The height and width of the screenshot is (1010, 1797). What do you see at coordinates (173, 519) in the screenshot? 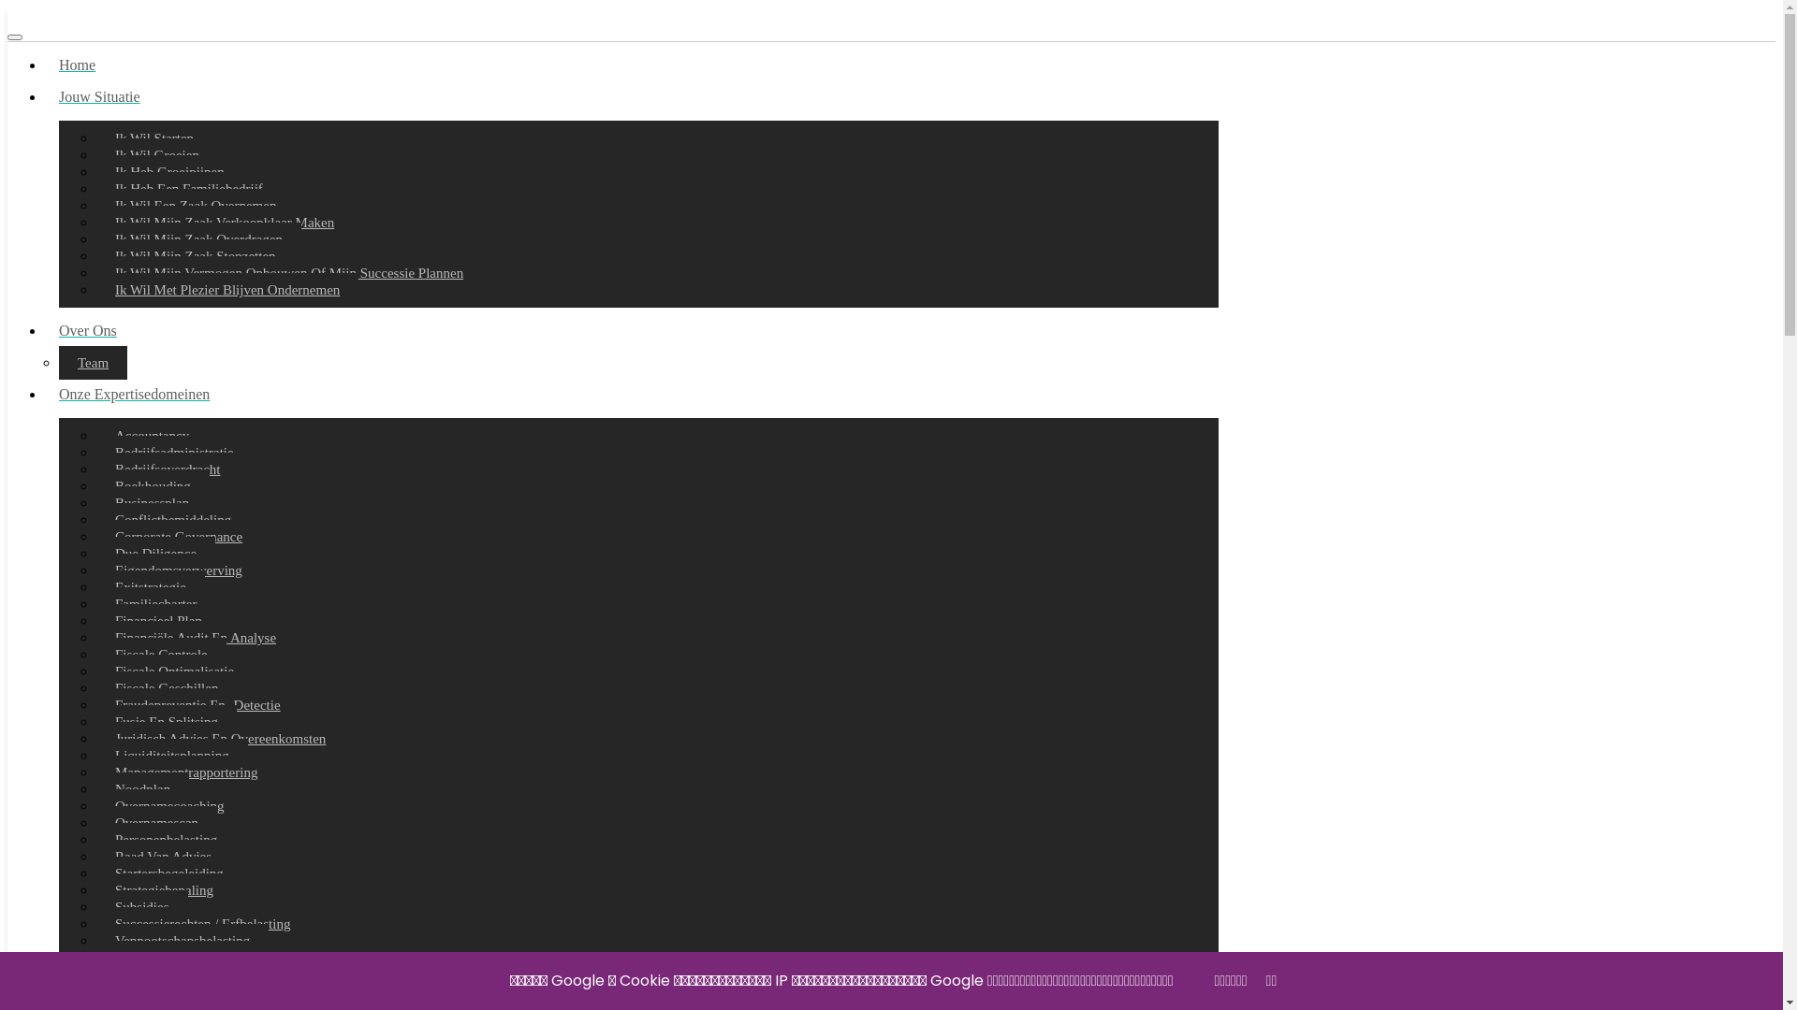
I see `'Conflictbemiddeling'` at bounding box center [173, 519].